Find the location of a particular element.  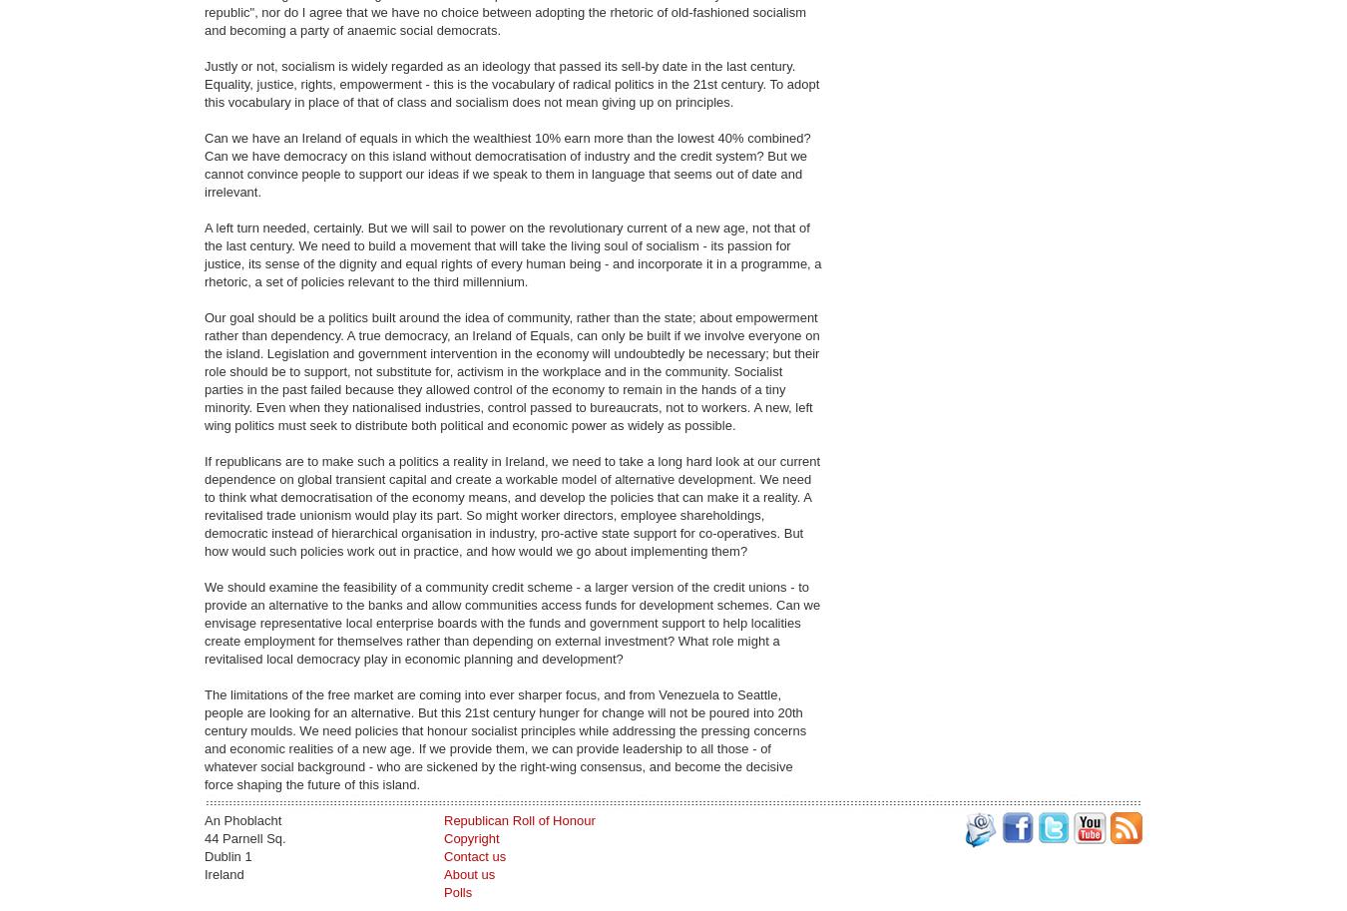

'The limitations of the free market are coming into ever sharper focus, and from Venezuela to Seattle, people are looking for an alternative. But this 21st century hunger for change will not be poured into 20th century moulds. We need policies that honour socialist principles while addressing the pressing concerns and economic realities of a new age. If we provide them, we can provide leadership to all those - of whatever social background - who are sickened by the right-wing consensus, and become the decisive force shaping the future of this island.' is located at coordinates (504, 738).